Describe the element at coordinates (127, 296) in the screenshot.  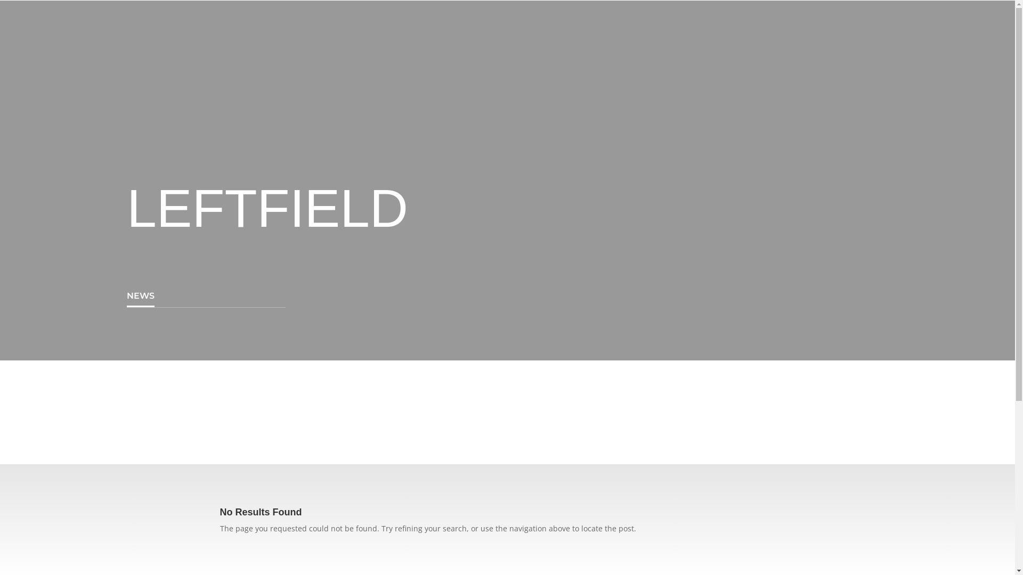
I see `'NEWS'` at that location.